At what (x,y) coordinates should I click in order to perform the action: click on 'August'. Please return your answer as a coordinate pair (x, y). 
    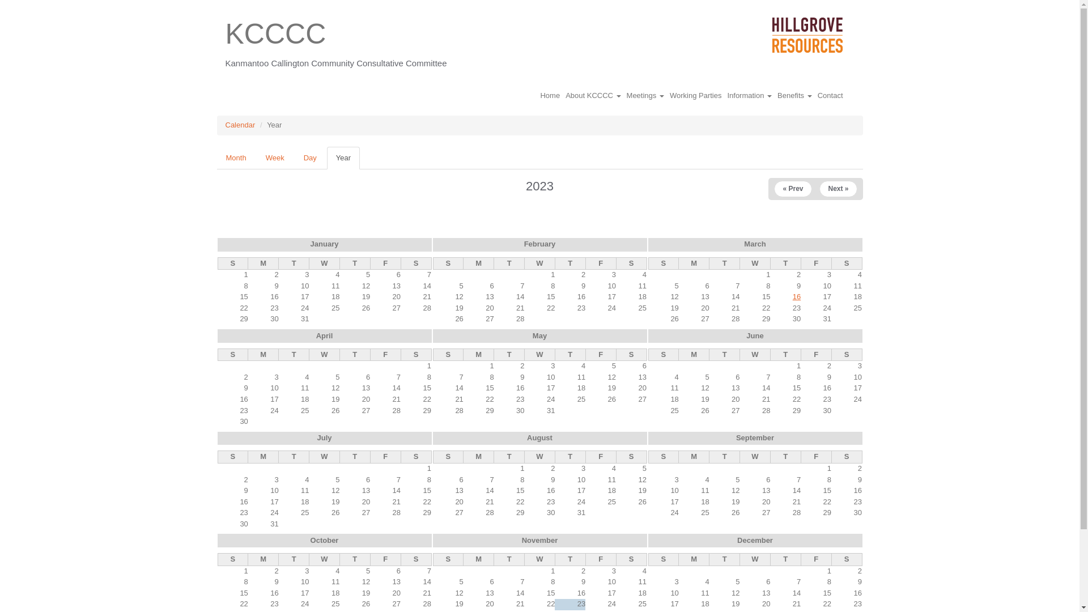
    Looking at the image, I should click on (526, 437).